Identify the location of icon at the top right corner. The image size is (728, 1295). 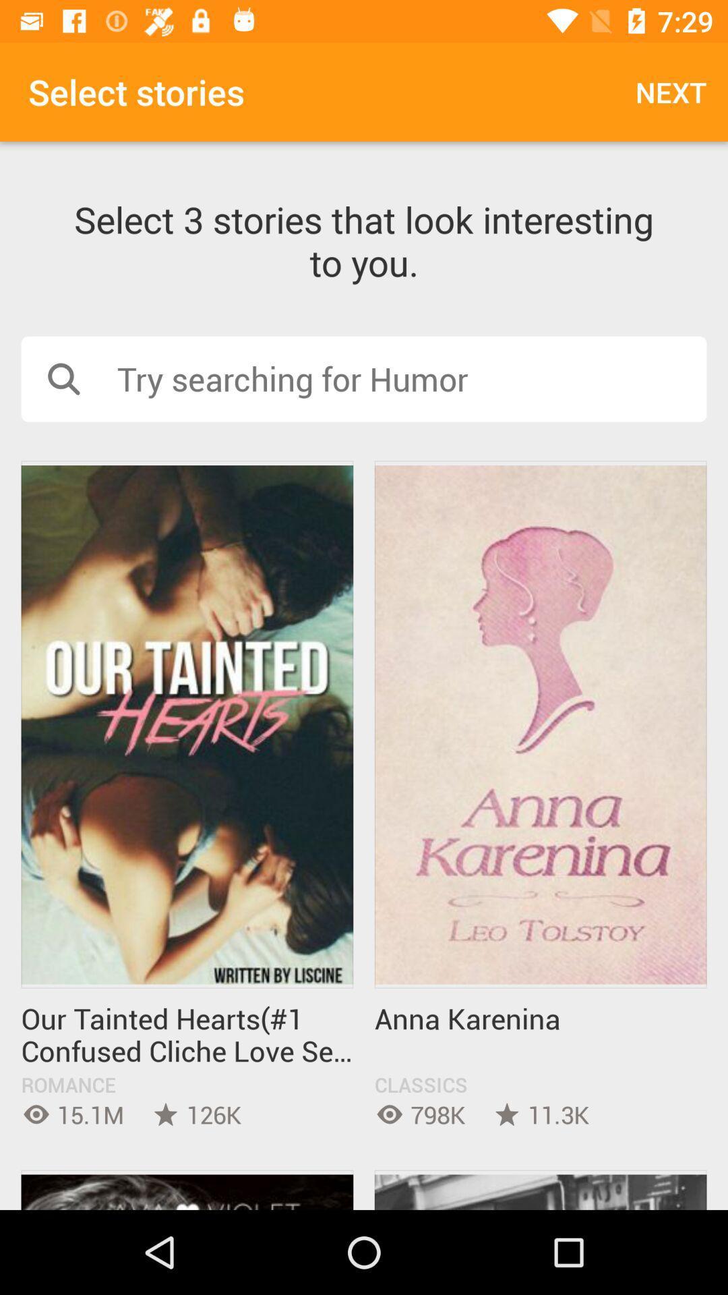
(671, 91).